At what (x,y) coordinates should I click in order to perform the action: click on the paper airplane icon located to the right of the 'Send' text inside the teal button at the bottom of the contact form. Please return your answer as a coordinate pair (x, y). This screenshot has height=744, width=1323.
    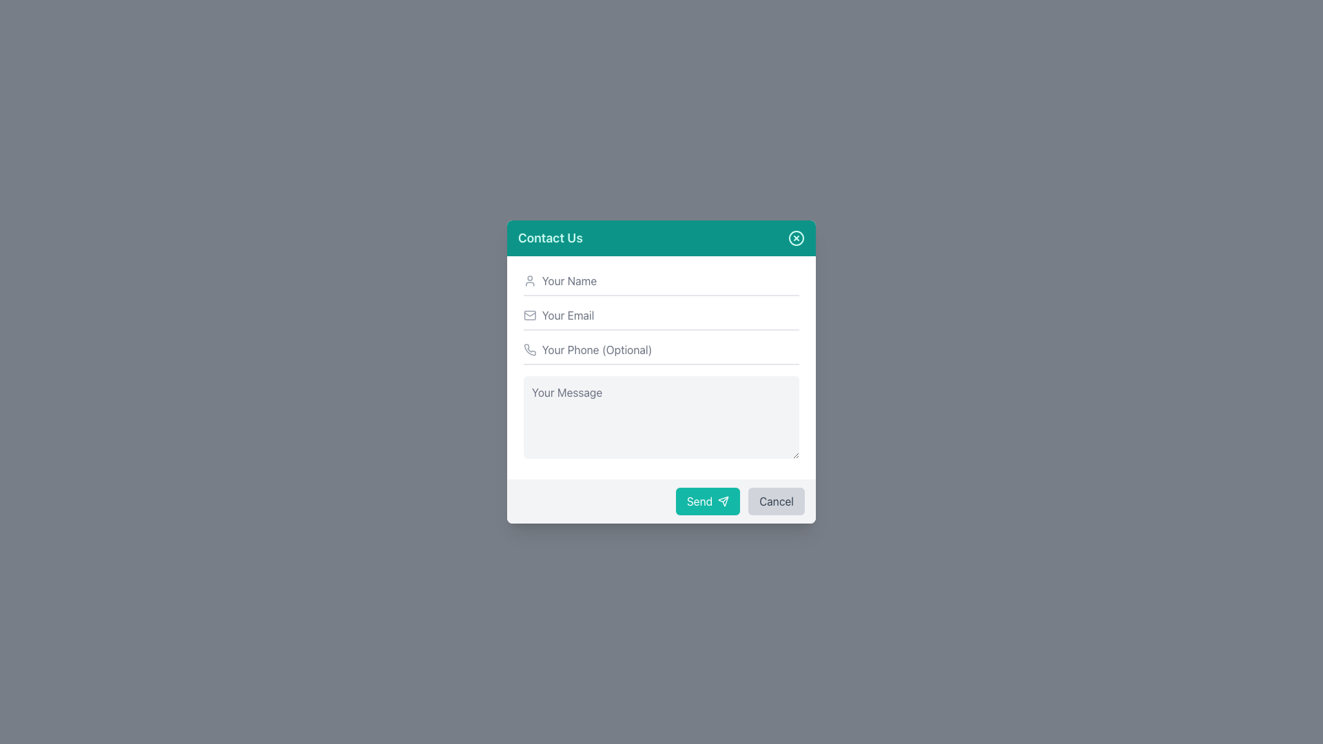
    Looking at the image, I should click on (723, 502).